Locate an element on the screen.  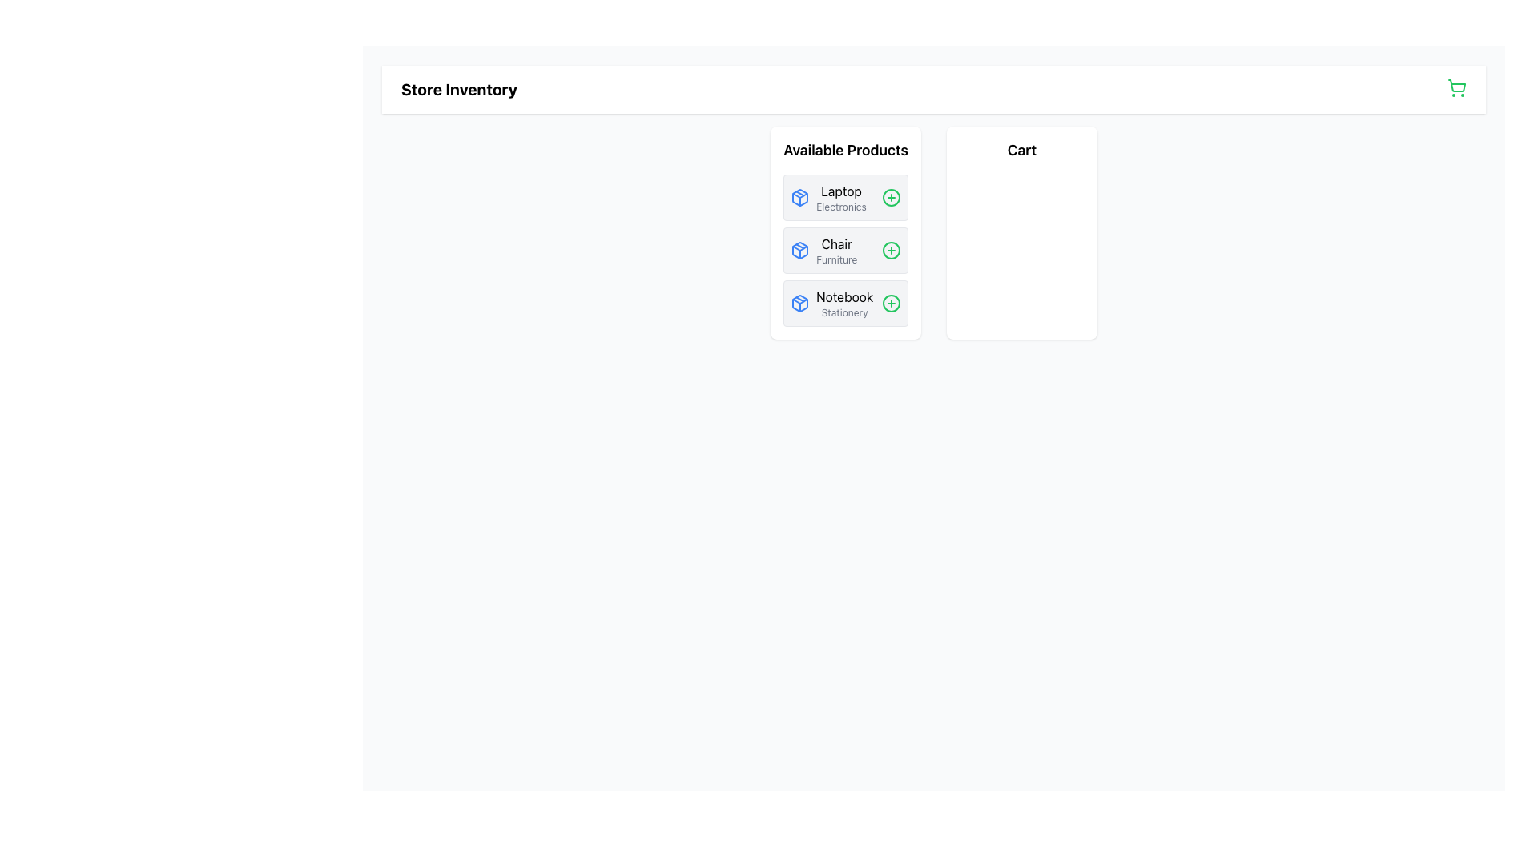
the third product card representing the 'Notebook' item in the 'Available Products' section is located at coordinates (845, 303).